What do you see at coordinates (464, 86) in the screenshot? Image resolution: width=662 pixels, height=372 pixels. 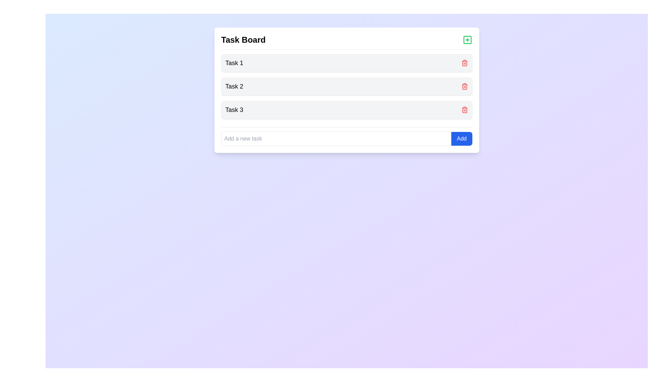 I see `the delete button icon for 'Task 2' to observe a visual style change` at bounding box center [464, 86].